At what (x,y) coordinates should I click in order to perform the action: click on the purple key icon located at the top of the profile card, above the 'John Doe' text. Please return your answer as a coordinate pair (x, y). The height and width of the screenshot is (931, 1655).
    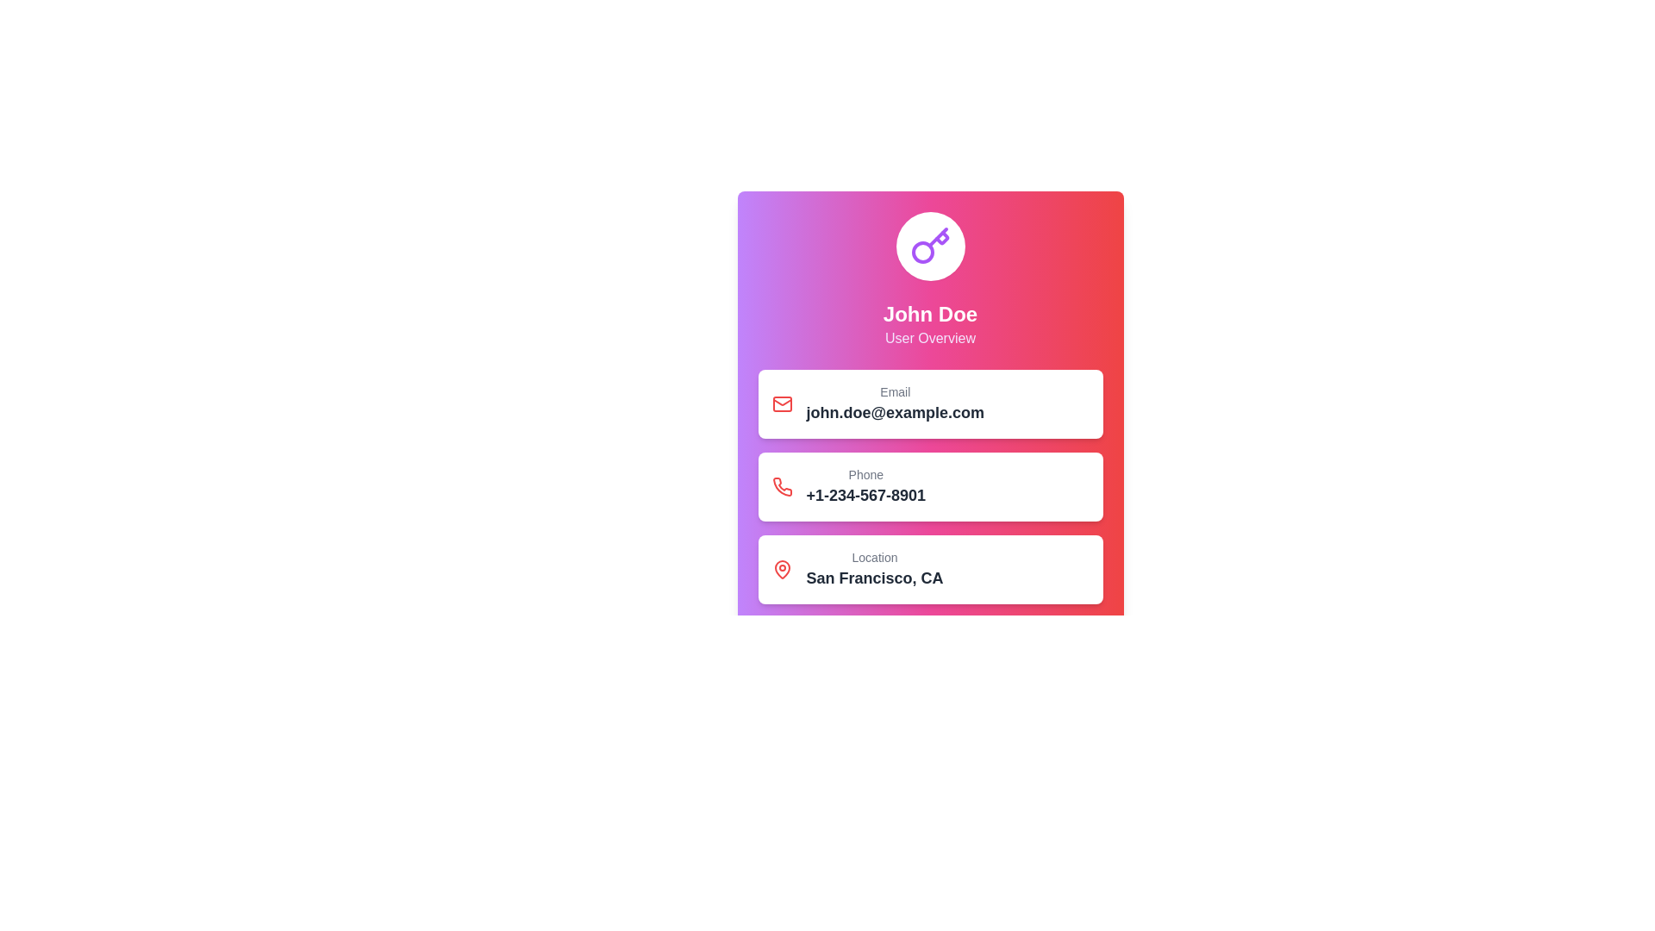
    Looking at the image, I should click on (929, 246).